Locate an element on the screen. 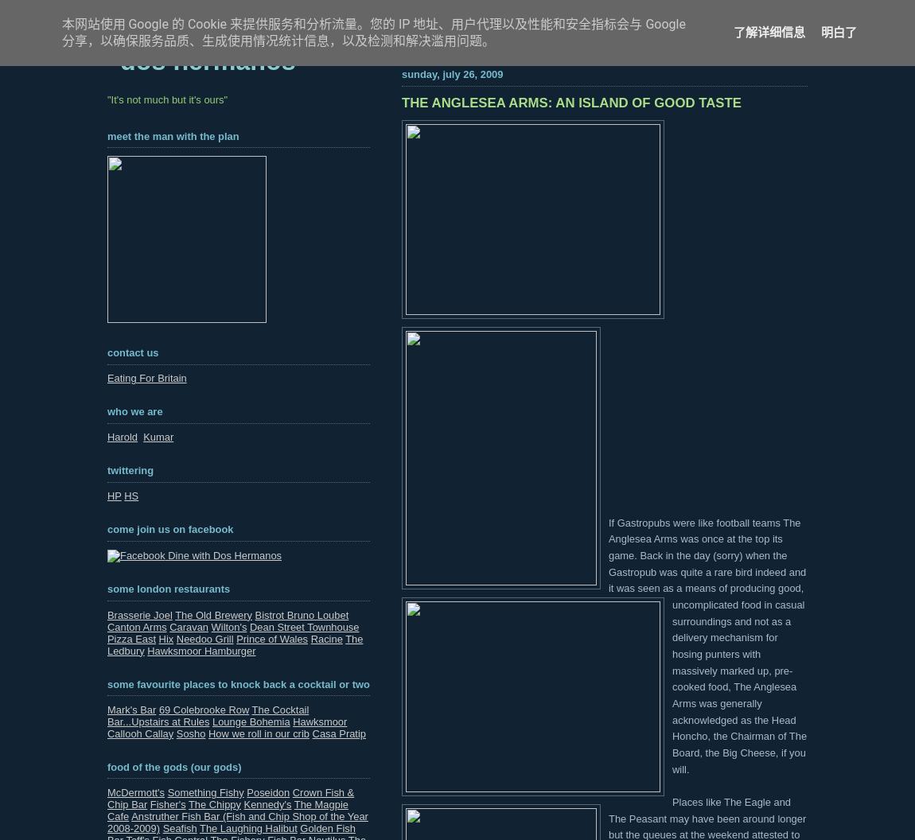  'The Cocktail Bar...Upstairs at Rules' is located at coordinates (207, 714).